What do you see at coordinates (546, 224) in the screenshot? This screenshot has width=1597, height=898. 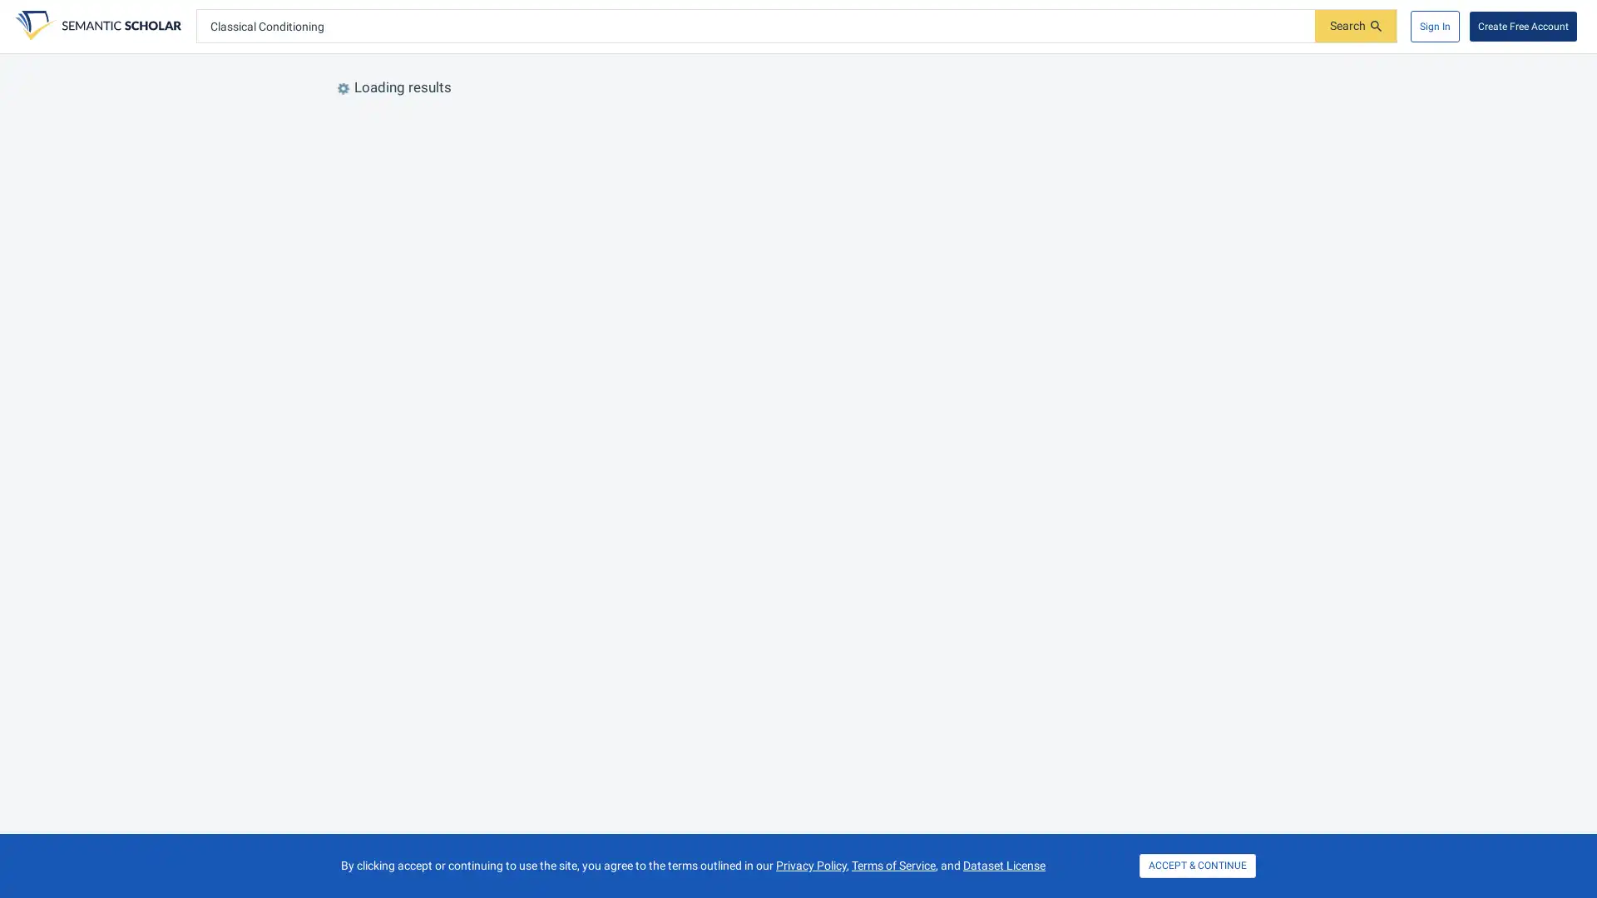 I see `Cite this paper` at bounding box center [546, 224].